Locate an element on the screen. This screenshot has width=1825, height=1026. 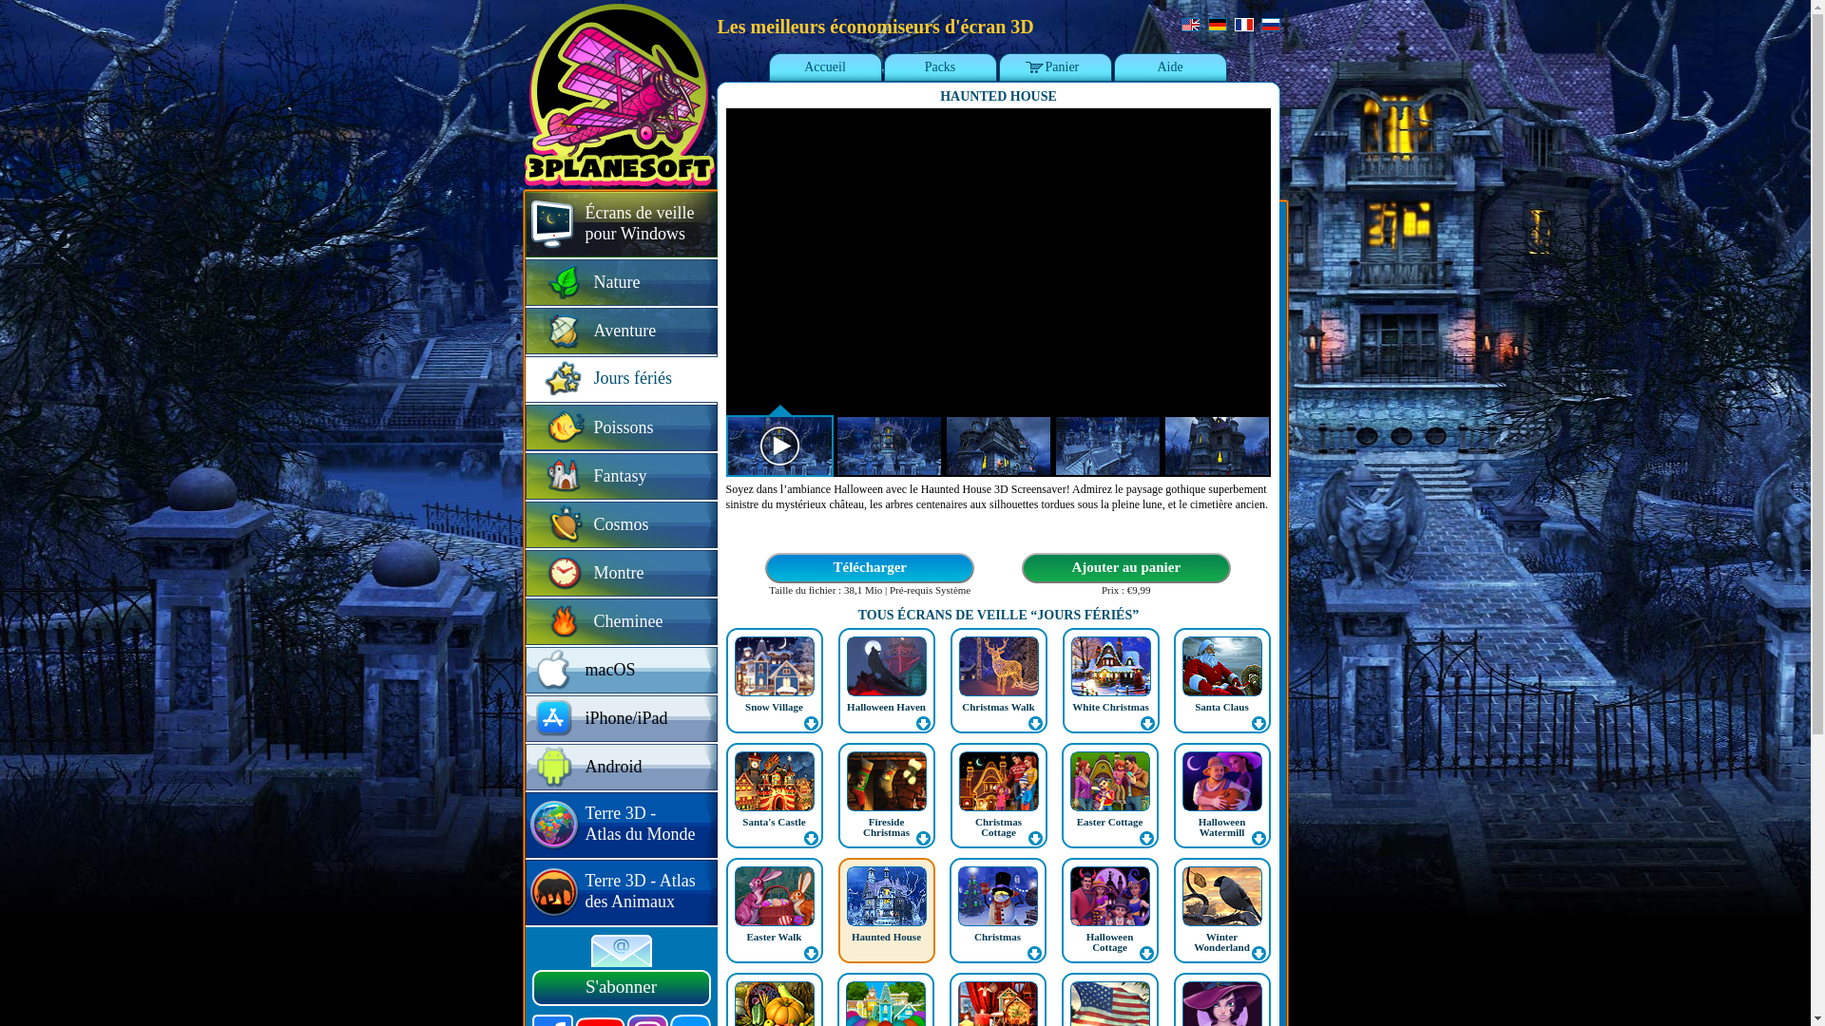
'Santa Claus' is located at coordinates (1221, 707).